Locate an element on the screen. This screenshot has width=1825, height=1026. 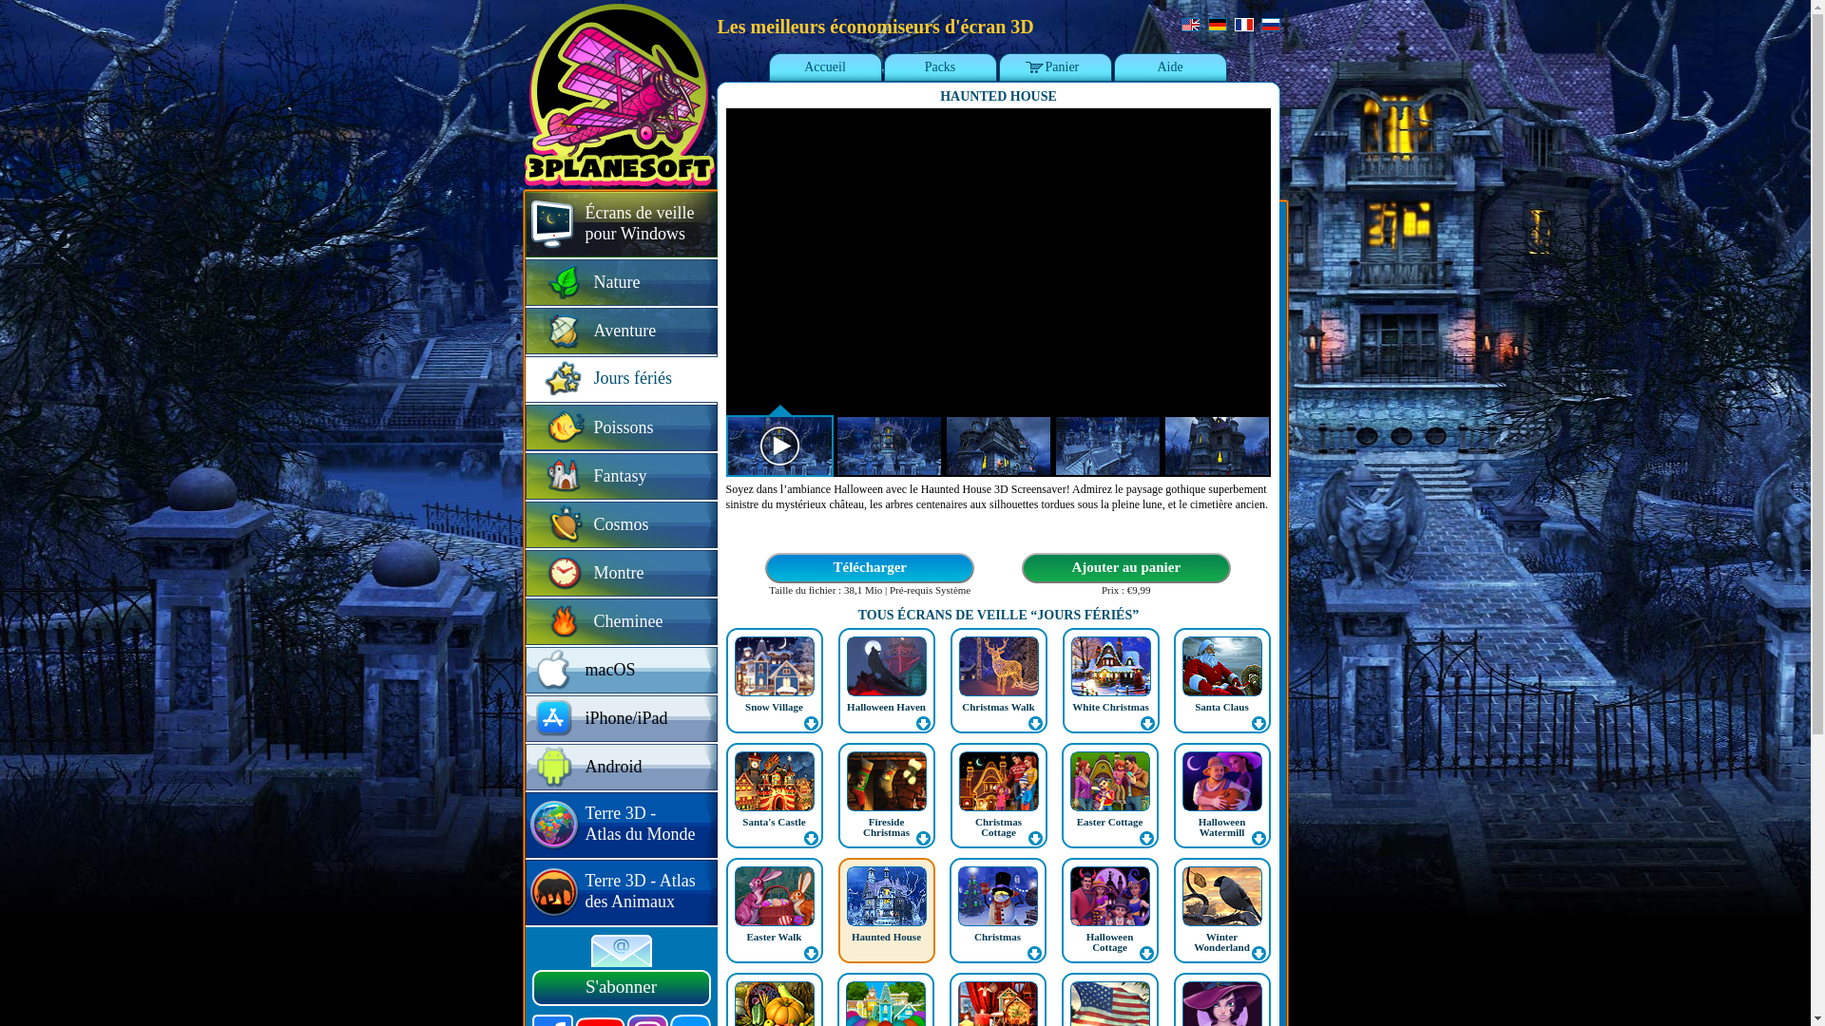
'Santa Claus' is located at coordinates (1221, 707).